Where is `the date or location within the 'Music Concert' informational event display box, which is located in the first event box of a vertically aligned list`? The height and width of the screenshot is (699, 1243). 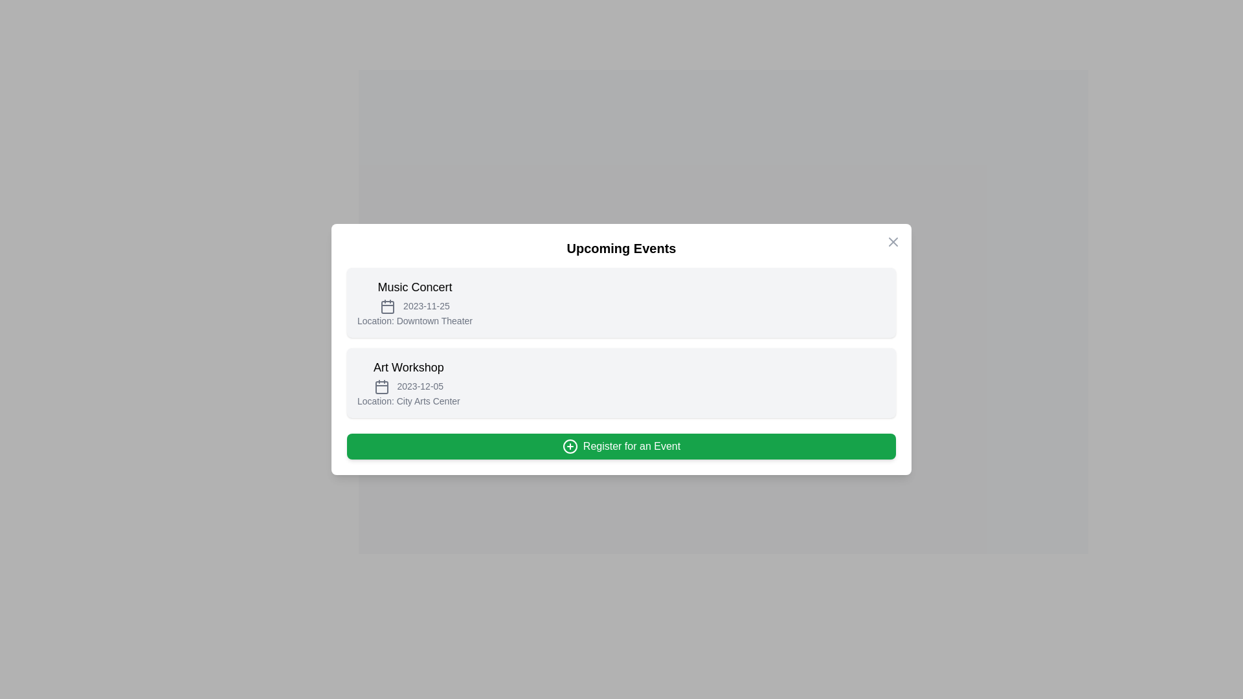 the date or location within the 'Music Concert' informational event display box, which is located in the first event box of a vertically aligned list is located at coordinates (414, 302).